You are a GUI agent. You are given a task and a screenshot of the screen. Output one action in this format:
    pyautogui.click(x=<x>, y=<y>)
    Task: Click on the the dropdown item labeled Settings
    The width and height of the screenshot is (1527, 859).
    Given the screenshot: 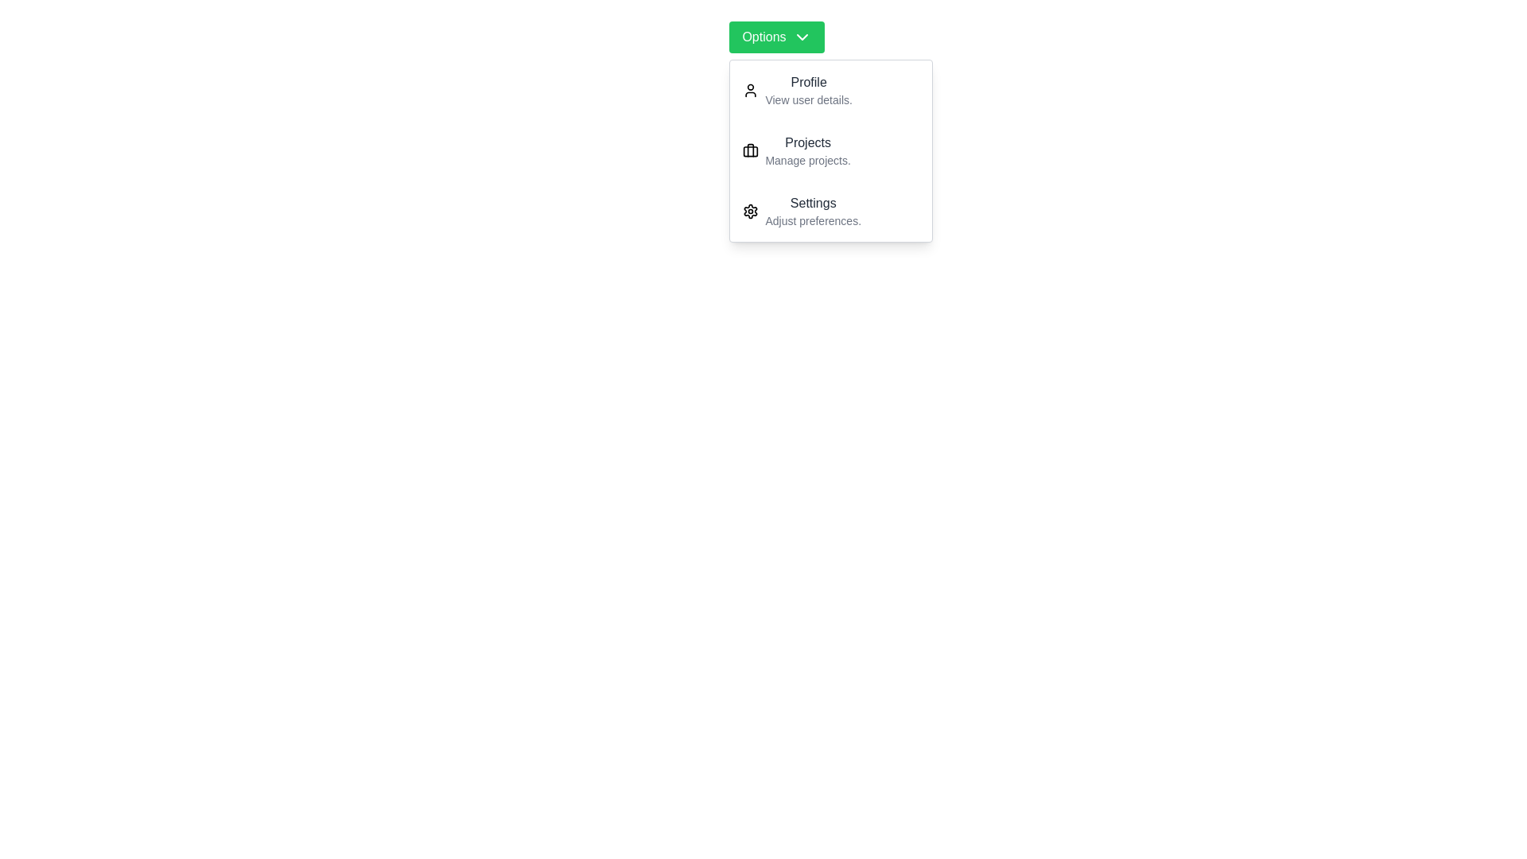 What is the action you would take?
    pyautogui.click(x=830, y=211)
    